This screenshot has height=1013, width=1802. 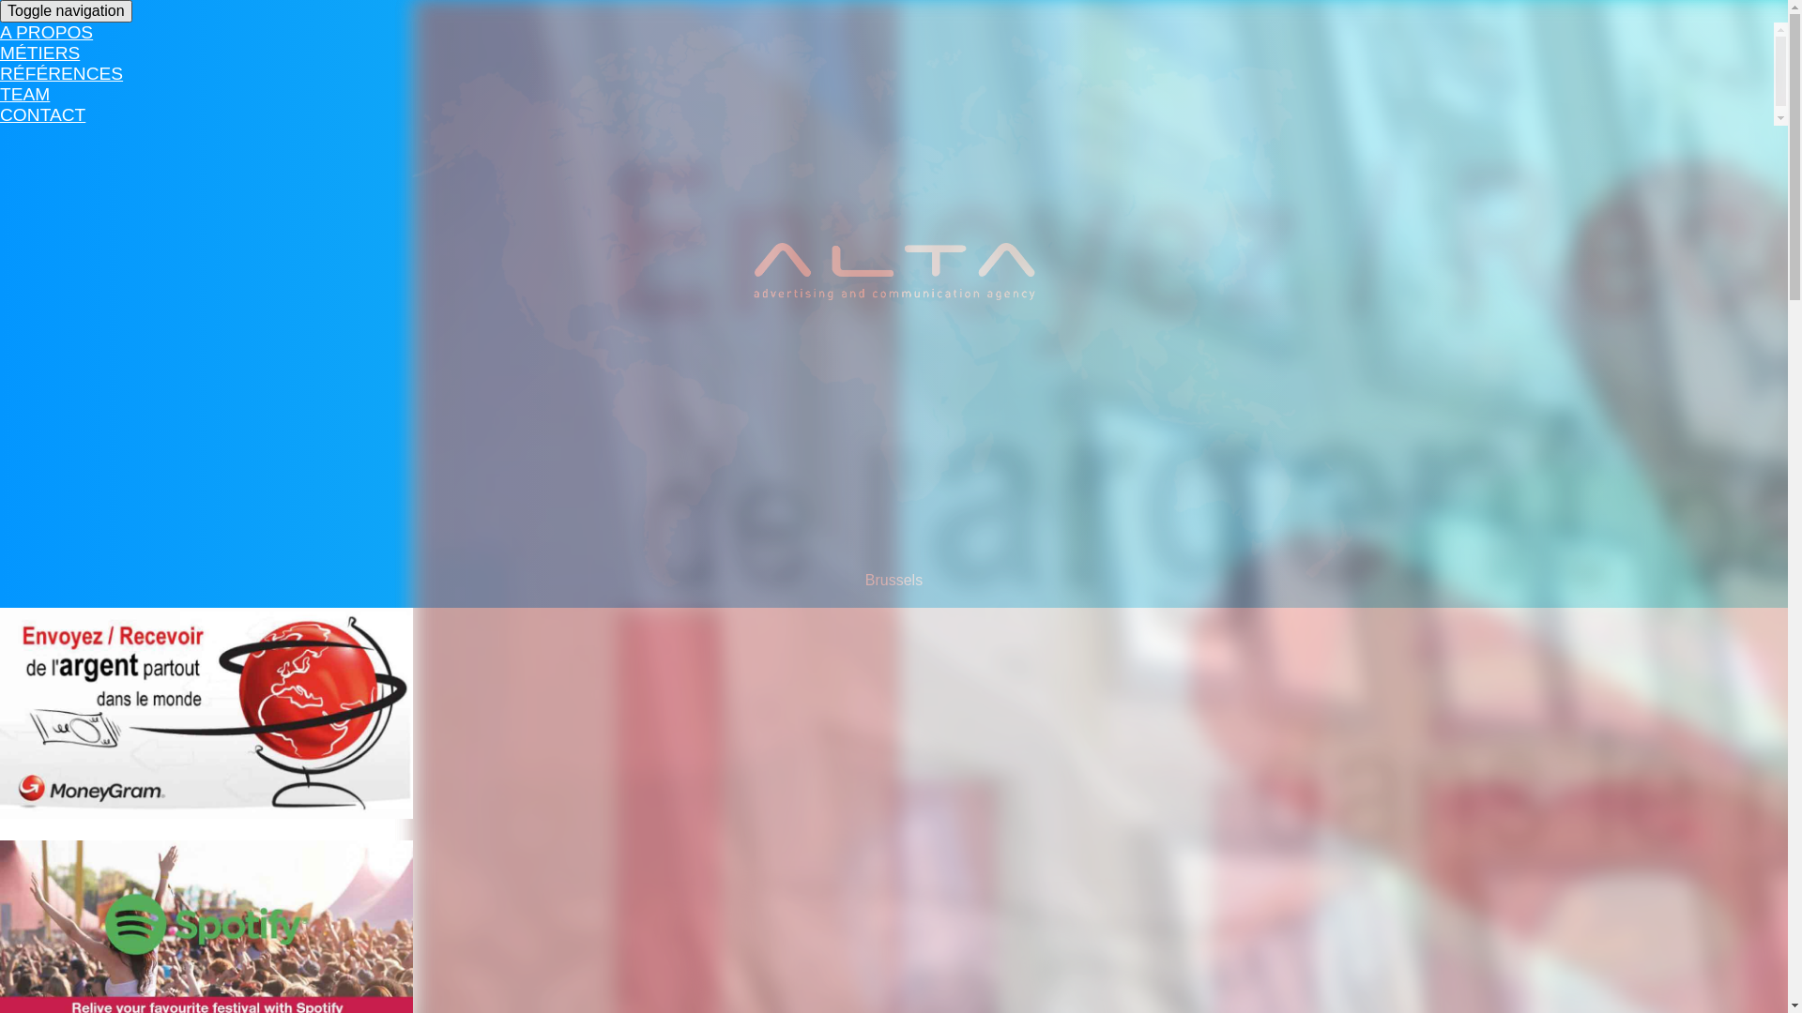 I want to click on 'Toggle navigation', so click(x=66, y=10).